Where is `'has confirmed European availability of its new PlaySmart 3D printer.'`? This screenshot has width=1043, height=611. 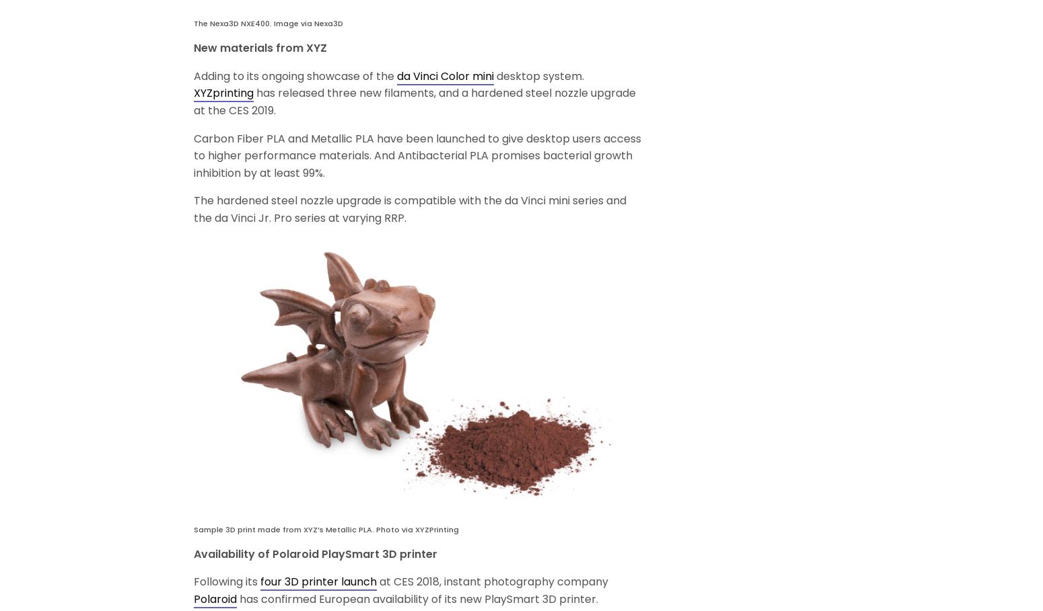 'has confirmed European availability of its new PlaySmart 3D printer.' is located at coordinates (236, 598).